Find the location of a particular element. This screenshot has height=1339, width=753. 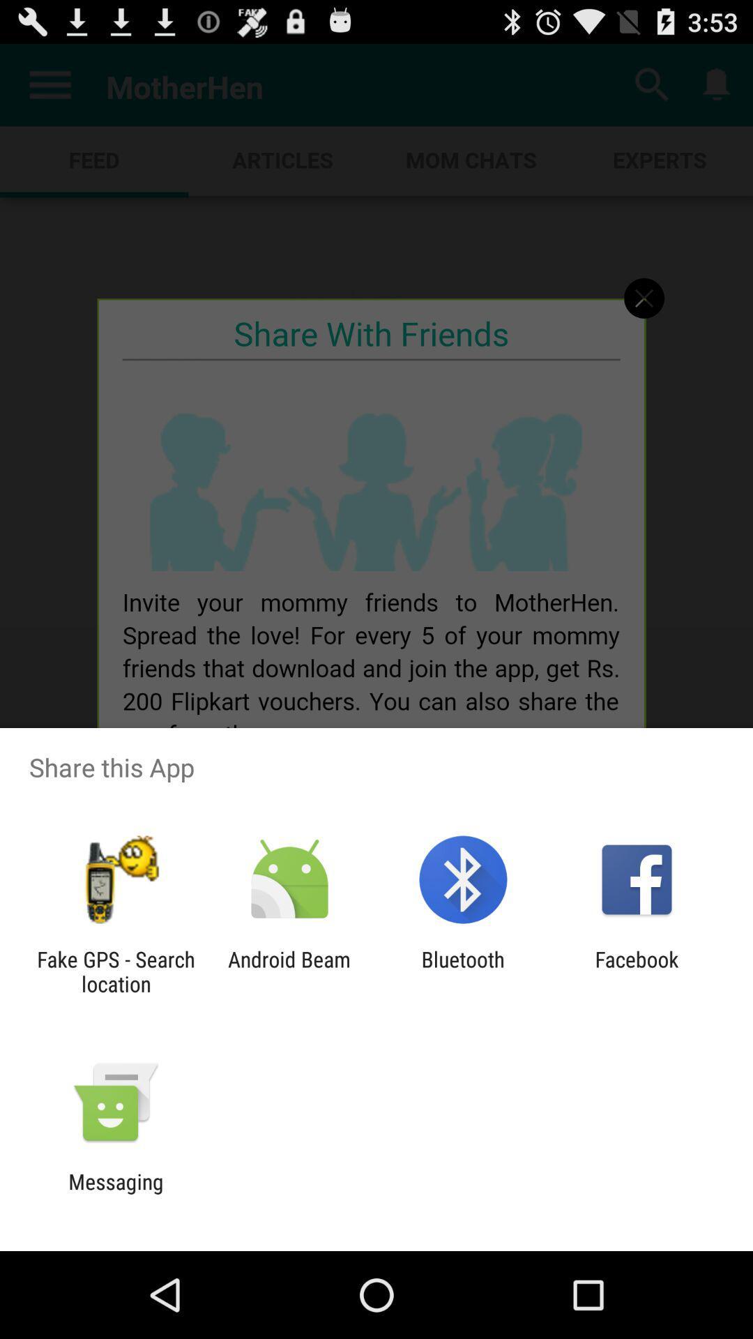

the bluetooth icon is located at coordinates (463, 971).